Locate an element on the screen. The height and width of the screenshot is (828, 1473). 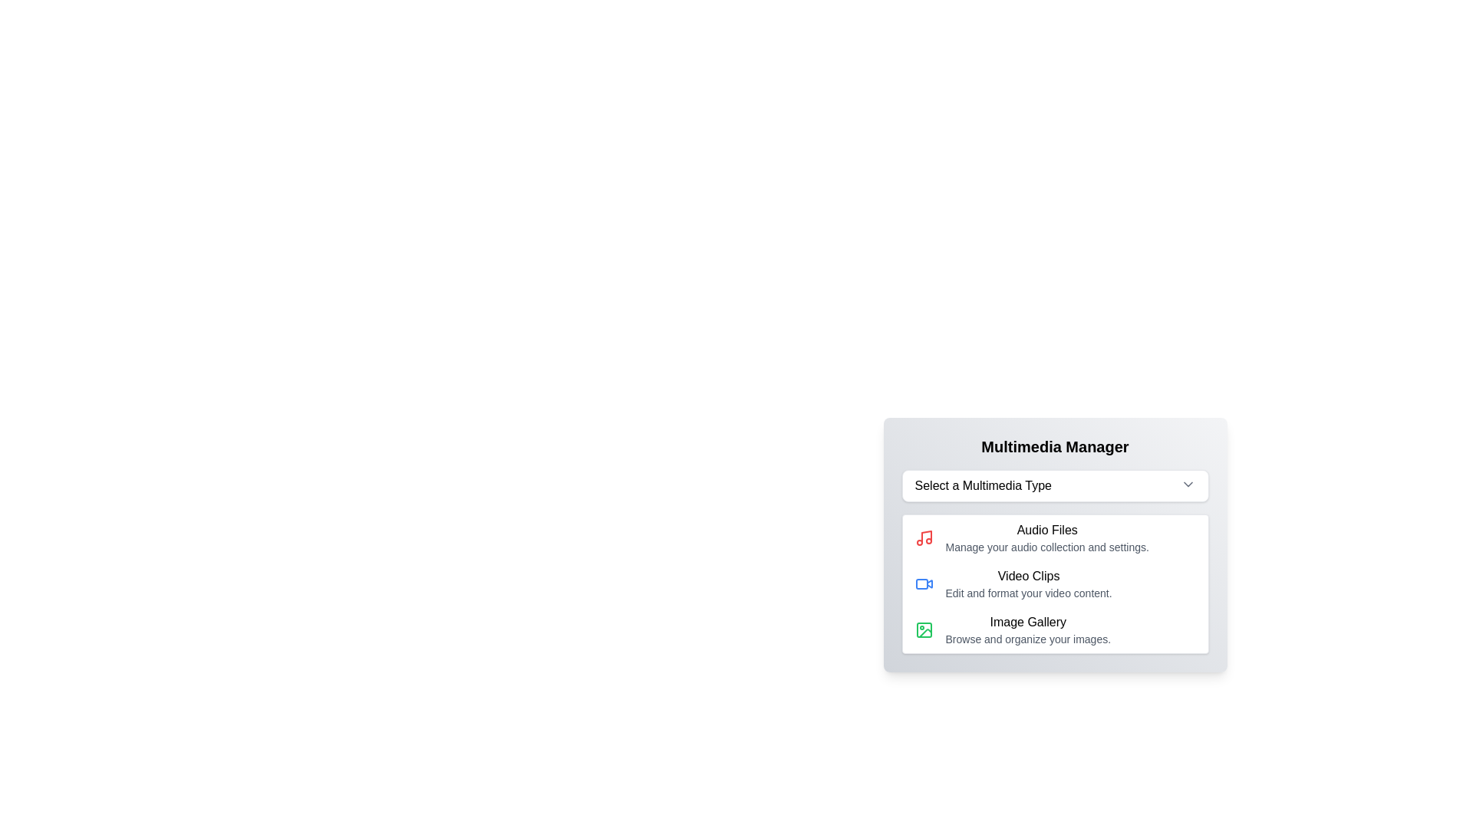
the Header Text element that describes the section related to managing audio files, located within the 'Multimedia Manager' panel beneath the 'Select a Multimedia Type' dropdown menu is located at coordinates (1046, 529).